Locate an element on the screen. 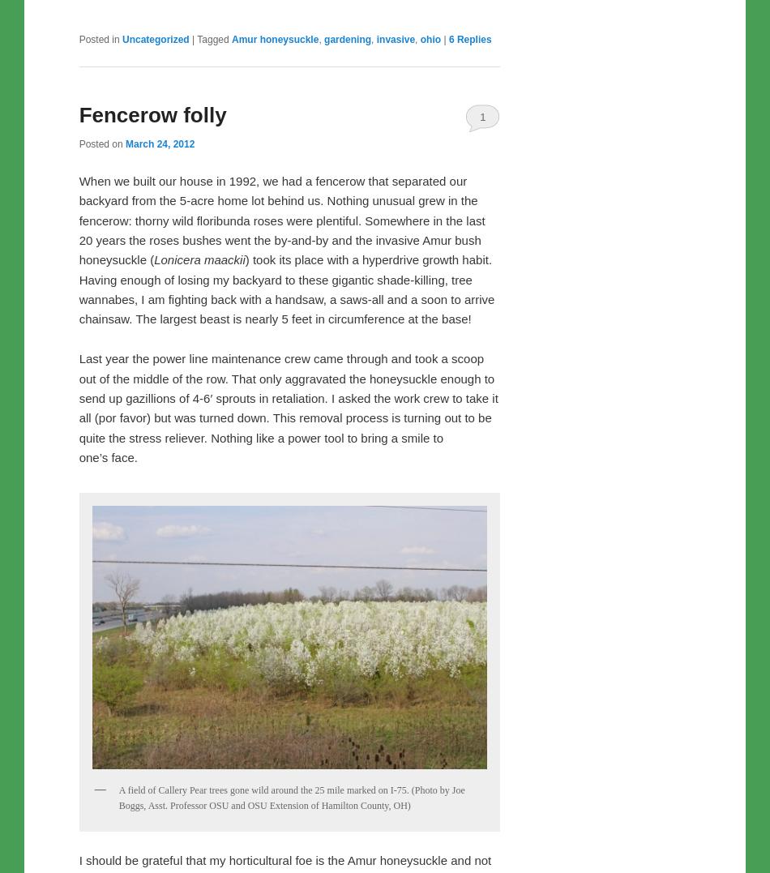  'Tagged' is located at coordinates (212, 39).